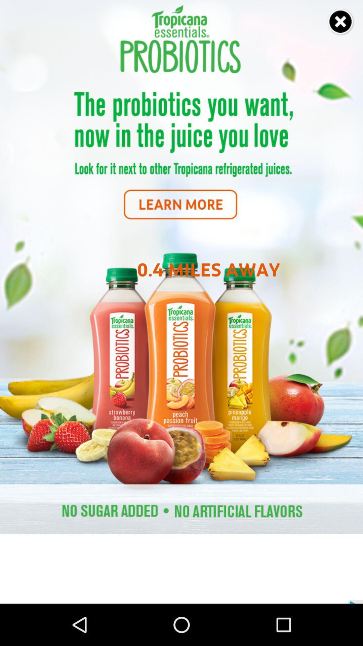 This screenshot has height=646, width=363. I want to click on the close icon, so click(341, 24).